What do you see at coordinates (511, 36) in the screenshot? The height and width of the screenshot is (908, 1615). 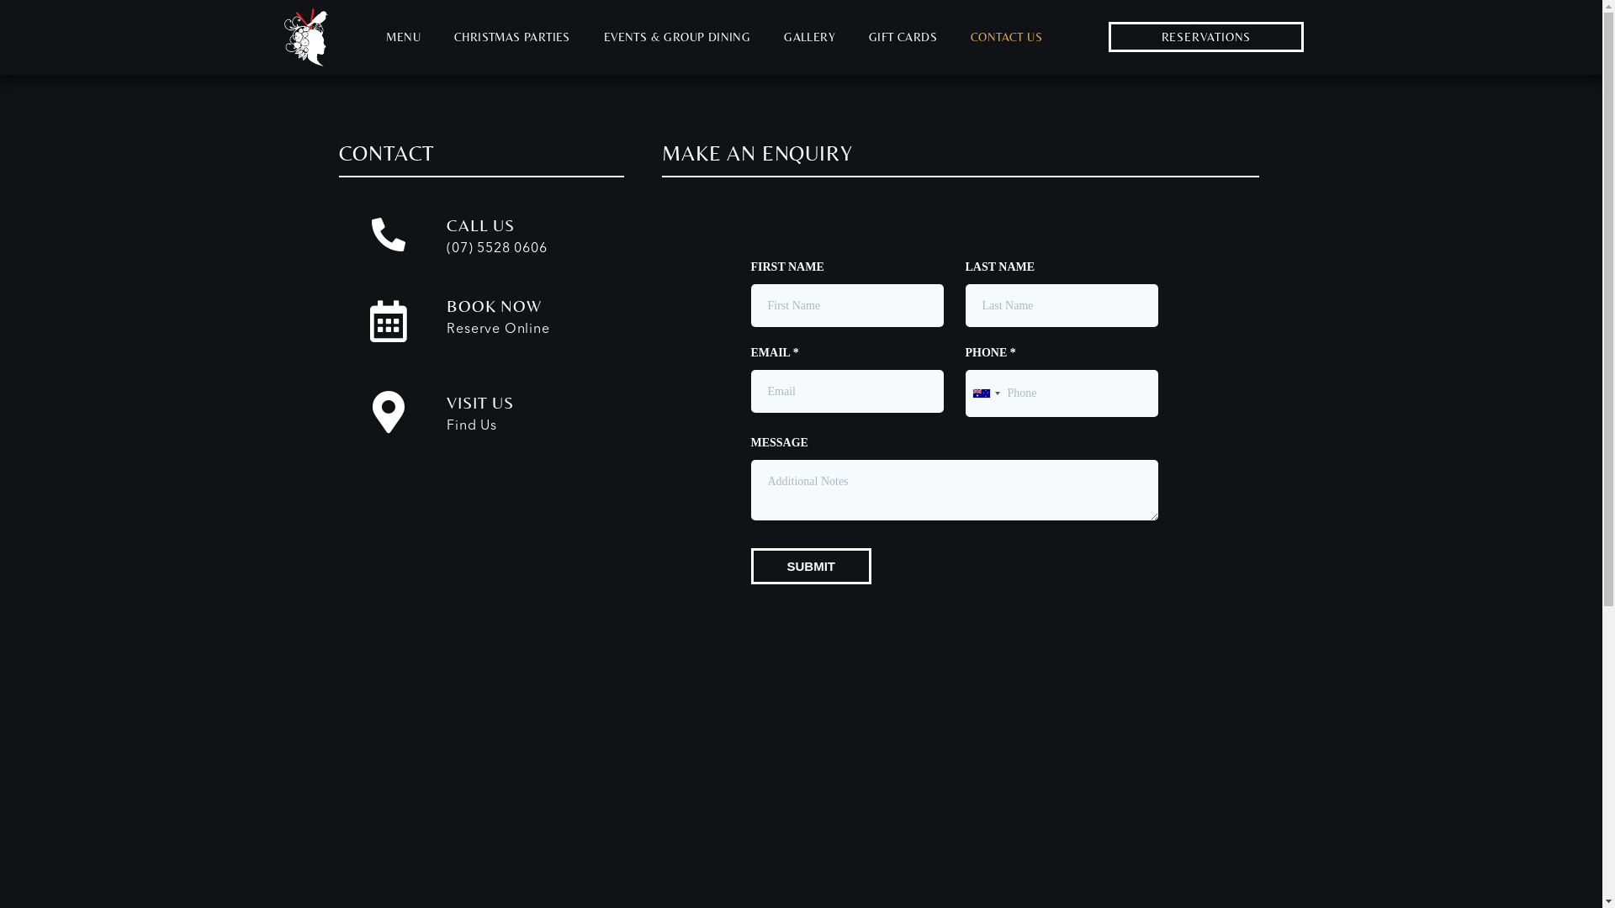 I see `'CHRISTMAS PARTIES'` at bounding box center [511, 36].